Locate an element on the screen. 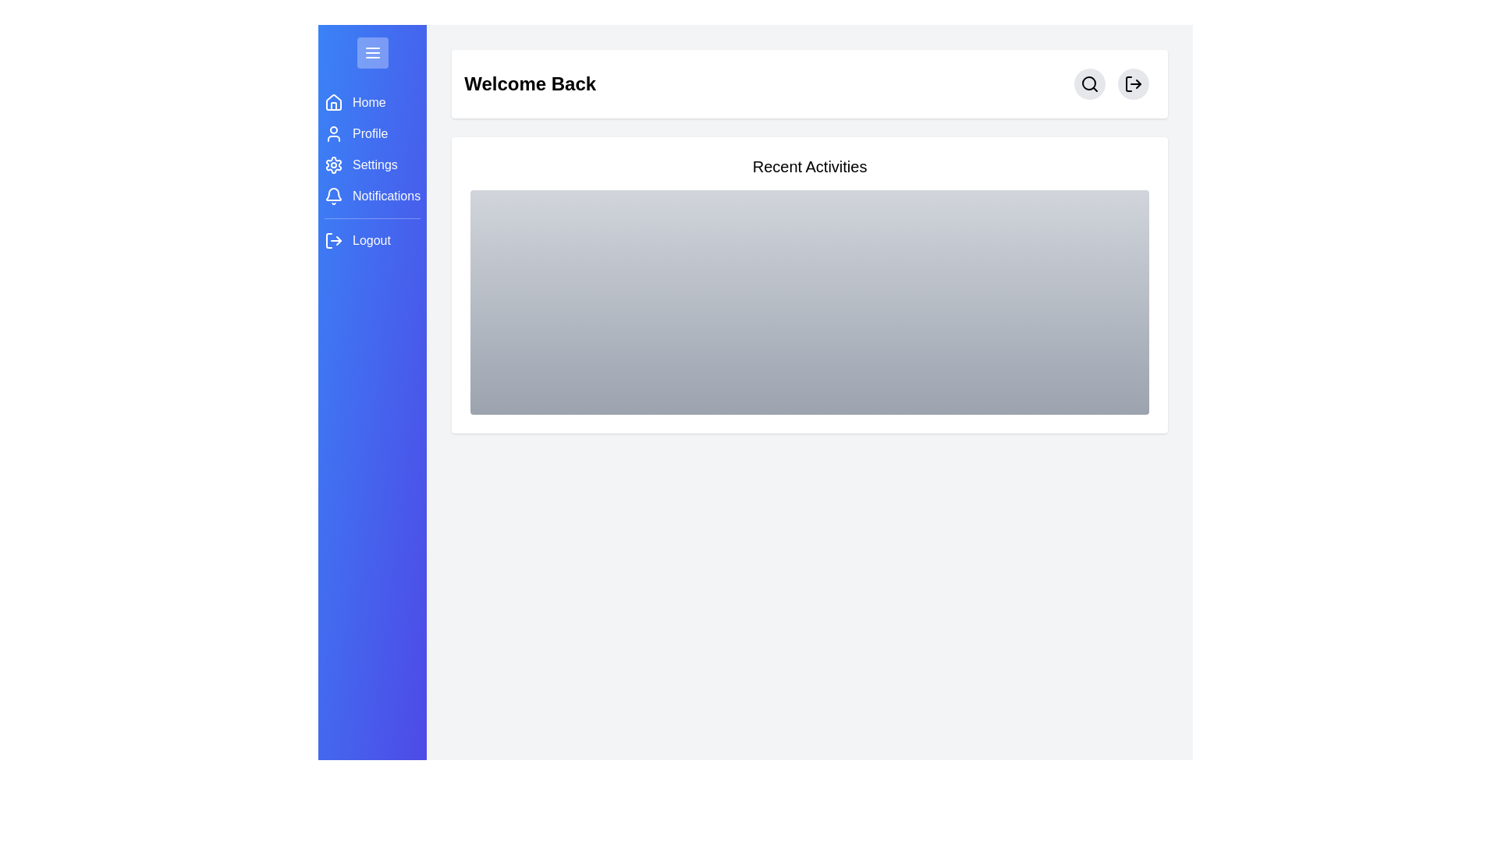 The height and width of the screenshot is (842, 1498). the 'Profile' navigation item in the vertical menu, which features a user icon on the left and is the second item in the list is located at coordinates (371, 133).